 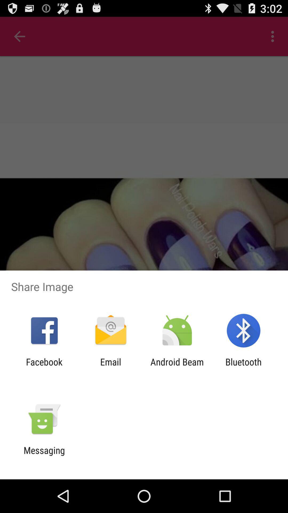 I want to click on icon next to facebook icon, so click(x=110, y=367).